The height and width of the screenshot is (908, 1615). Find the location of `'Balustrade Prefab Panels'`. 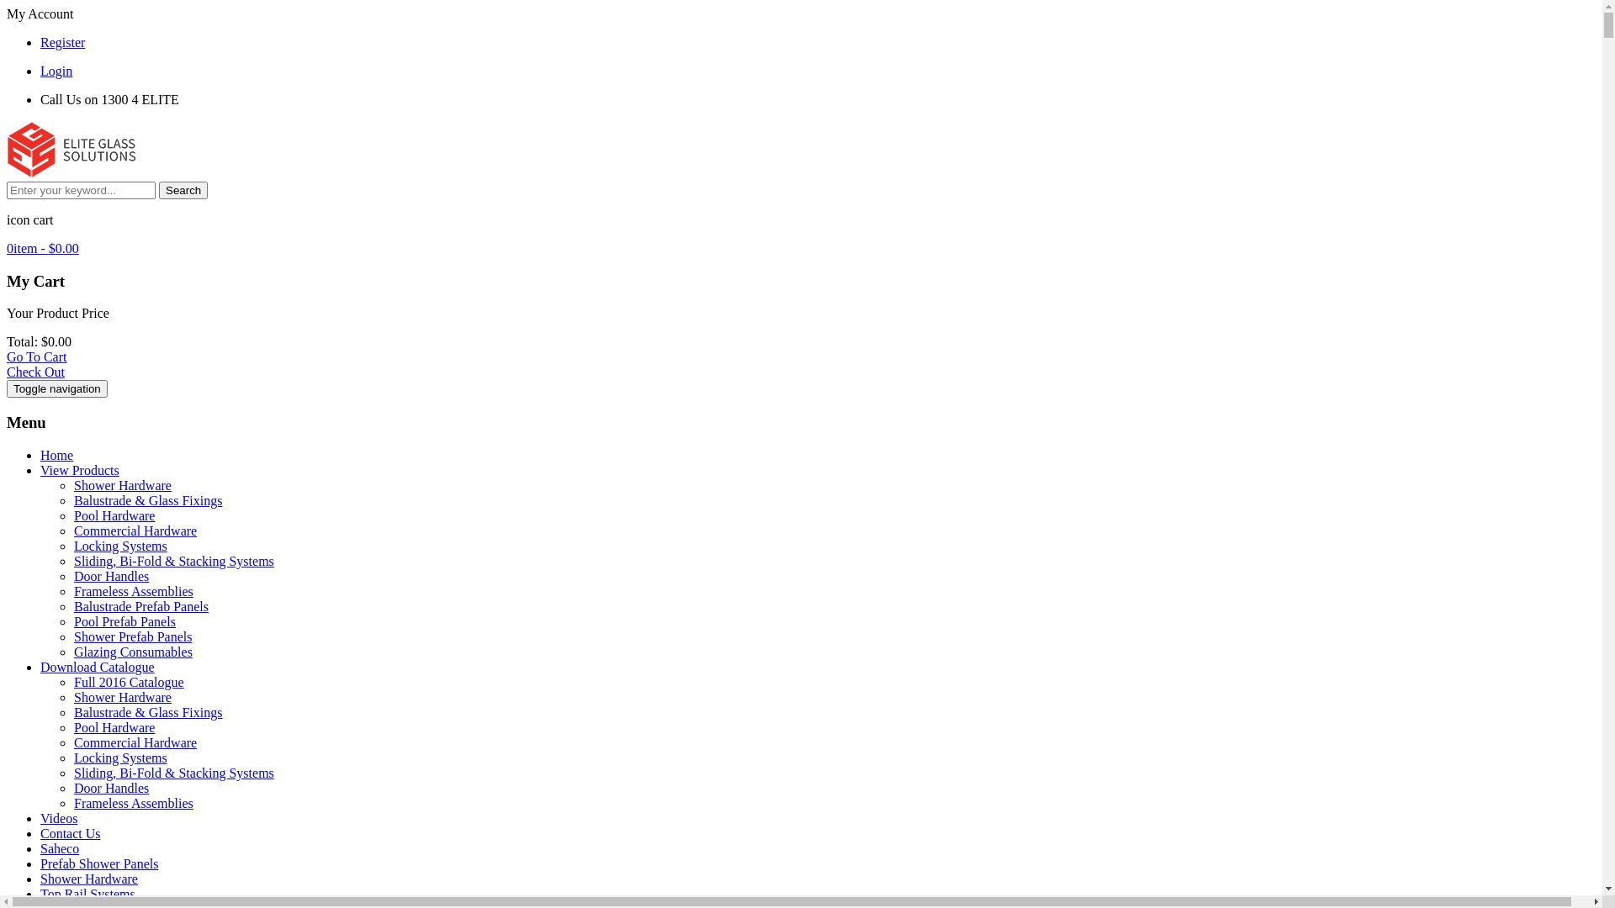

'Balustrade Prefab Panels' is located at coordinates (141, 606).